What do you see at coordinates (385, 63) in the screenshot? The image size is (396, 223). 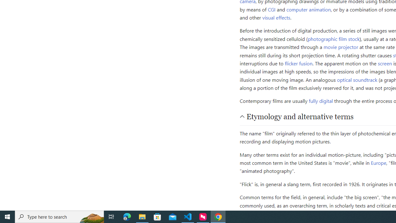 I see `'screen'` at bounding box center [385, 63].